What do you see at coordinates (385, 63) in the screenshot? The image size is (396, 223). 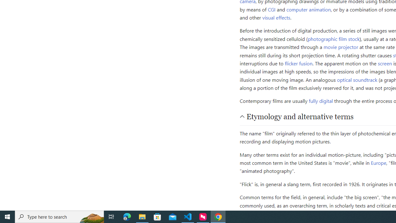 I see `'screen'` at bounding box center [385, 63].